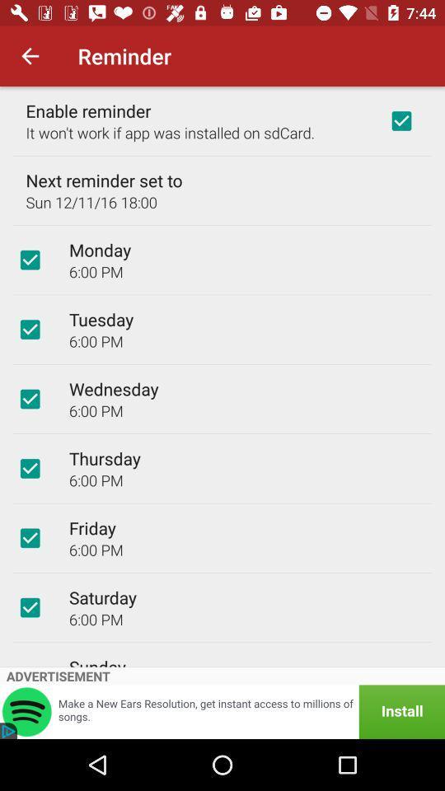 This screenshot has height=791, width=445. I want to click on icon to the left of wednesday, so click(30, 398).